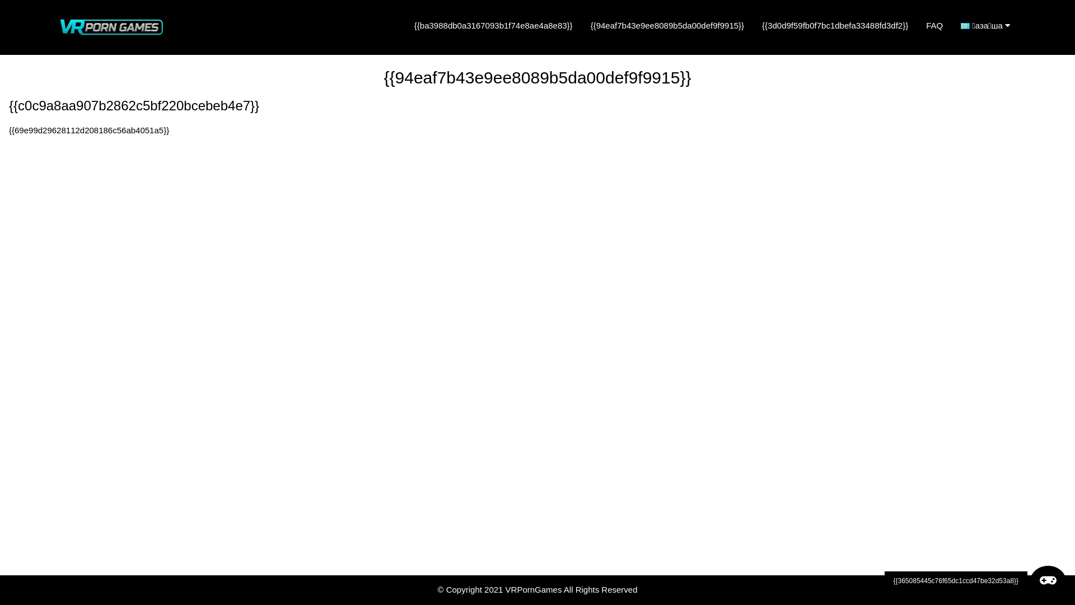 This screenshot has height=605, width=1075. What do you see at coordinates (917, 25) in the screenshot?
I see `'FAQ'` at bounding box center [917, 25].